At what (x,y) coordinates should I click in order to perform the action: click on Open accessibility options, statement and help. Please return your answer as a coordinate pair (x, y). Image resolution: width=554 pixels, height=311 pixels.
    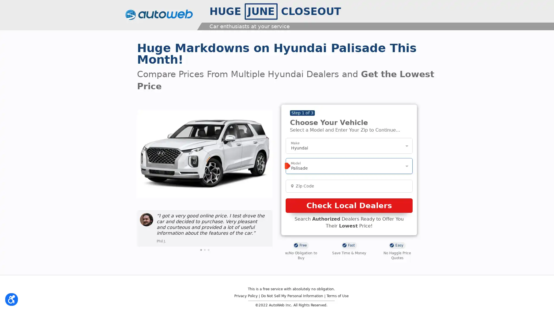
    Looking at the image, I should click on (12, 298).